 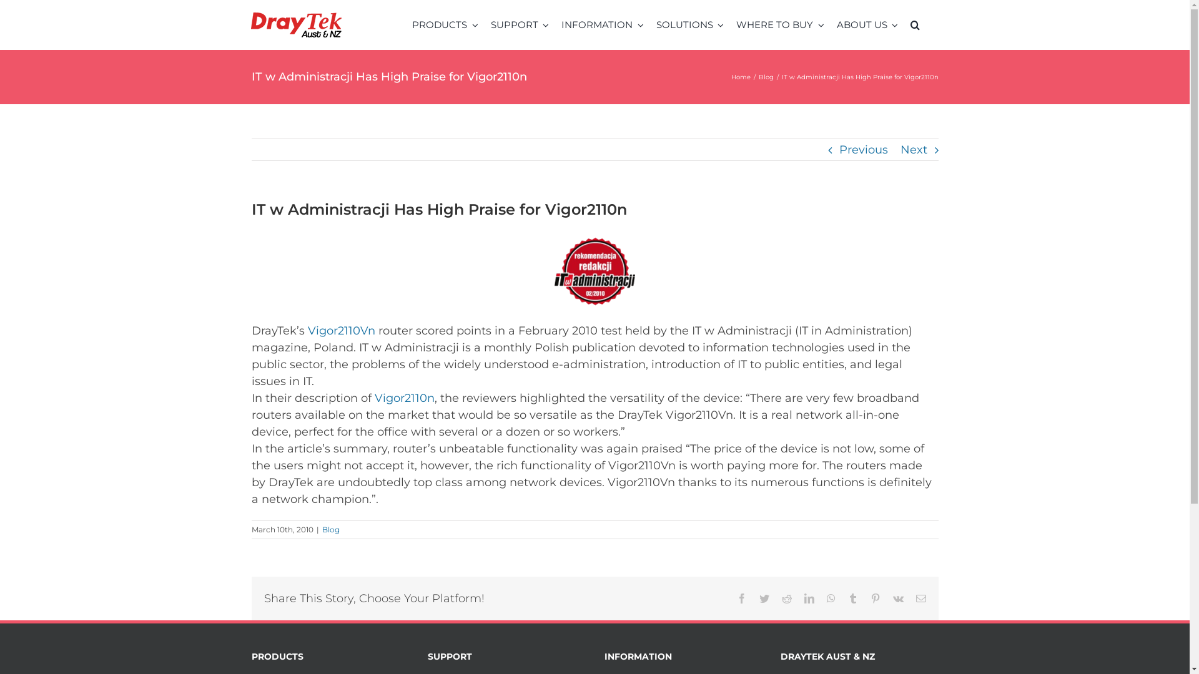 What do you see at coordinates (779, 24) in the screenshot?
I see `'WHERE TO BUY'` at bounding box center [779, 24].